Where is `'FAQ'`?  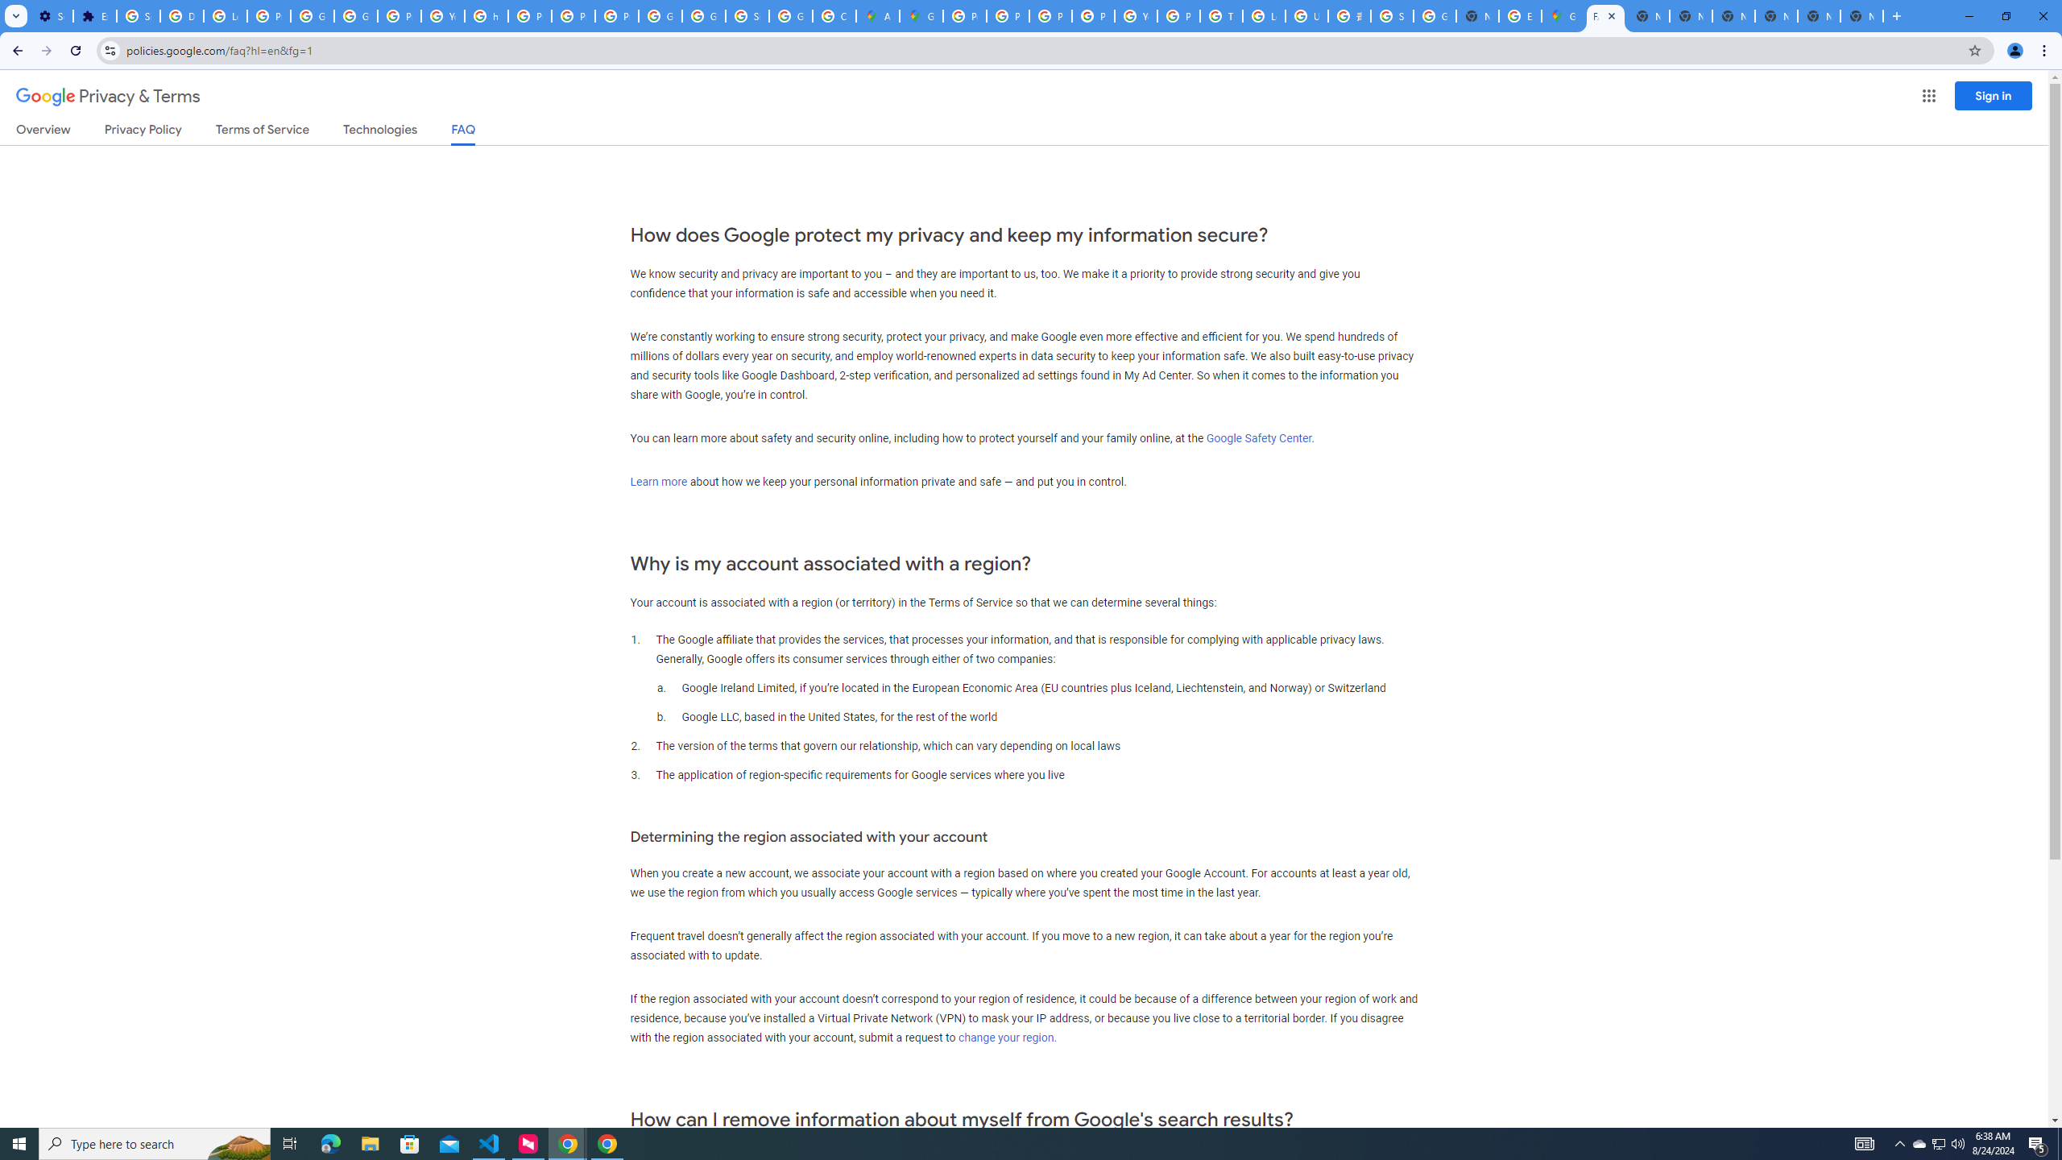 'FAQ' is located at coordinates (463, 133).